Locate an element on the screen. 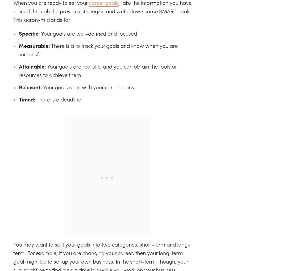 The height and width of the screenshot is (271, 306). 'Your goals are realistic, and you can obtain the tools or resources to achieve them' is located at coordinates (97, 70).